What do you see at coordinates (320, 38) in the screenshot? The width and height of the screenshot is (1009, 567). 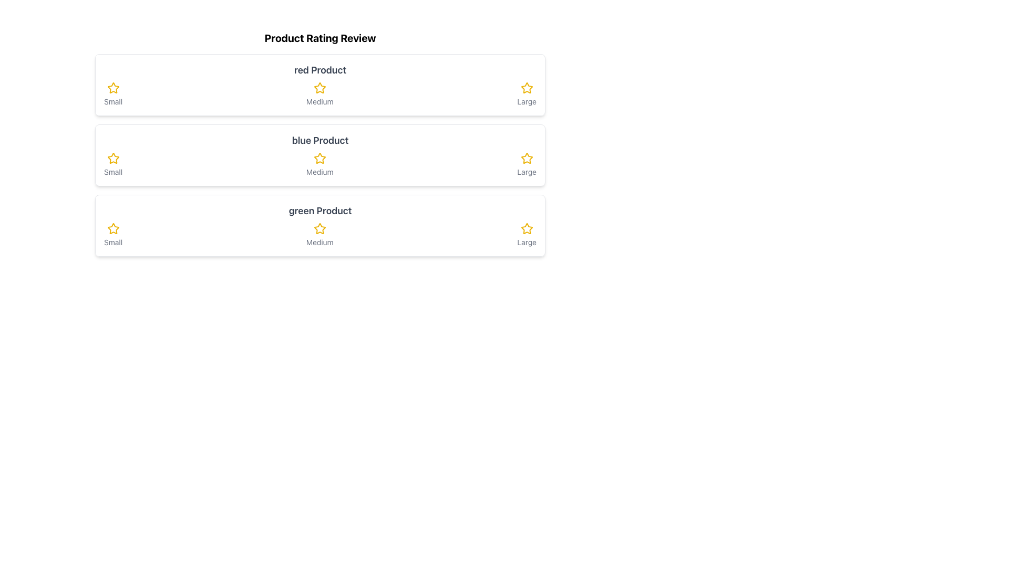 I see `text from the heading that displays 'Product Rating Review', which is prominently positioned at the top of the interface` at bounding box center [320, 38].